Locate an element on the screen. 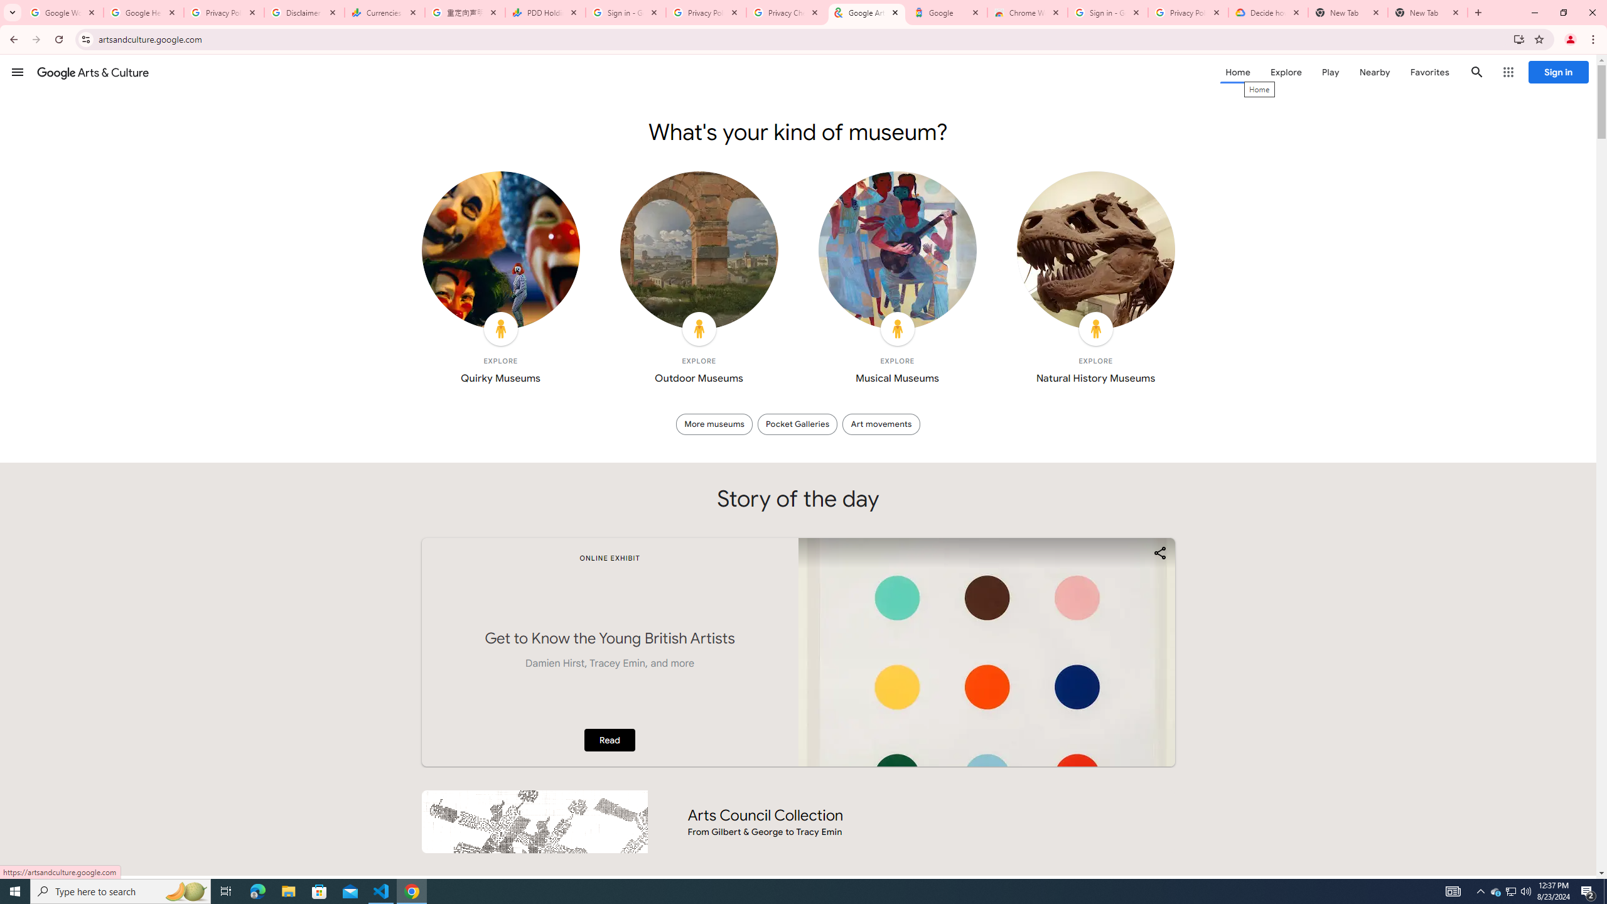 This screenshot has height=904, width=1607. 'PDD Holdings Inc - ADR (PDD) Price & News - Google Finance' is located at coordinates (545, 12).